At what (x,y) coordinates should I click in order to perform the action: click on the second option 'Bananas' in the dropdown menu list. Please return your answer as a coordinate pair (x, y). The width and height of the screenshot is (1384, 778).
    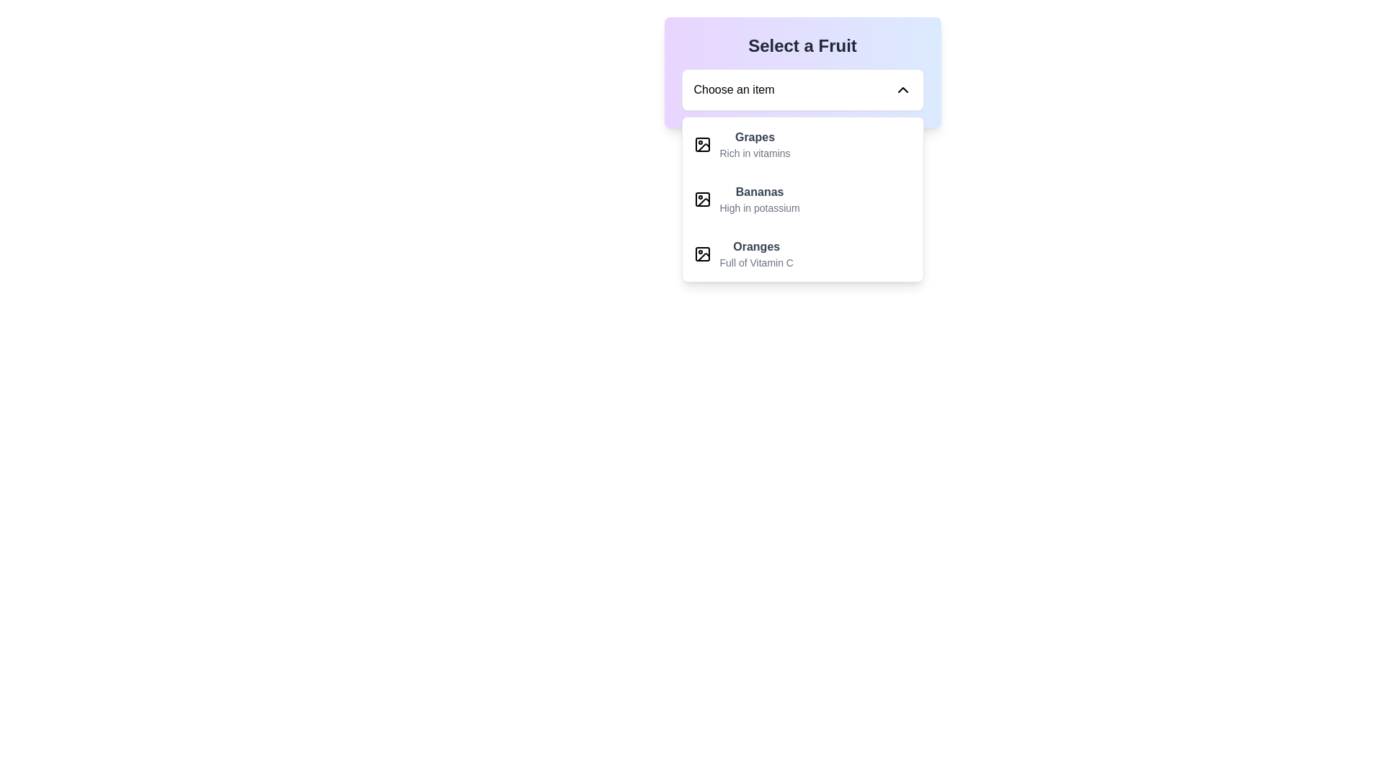
    Looking at the image, I should click on (802, 200).